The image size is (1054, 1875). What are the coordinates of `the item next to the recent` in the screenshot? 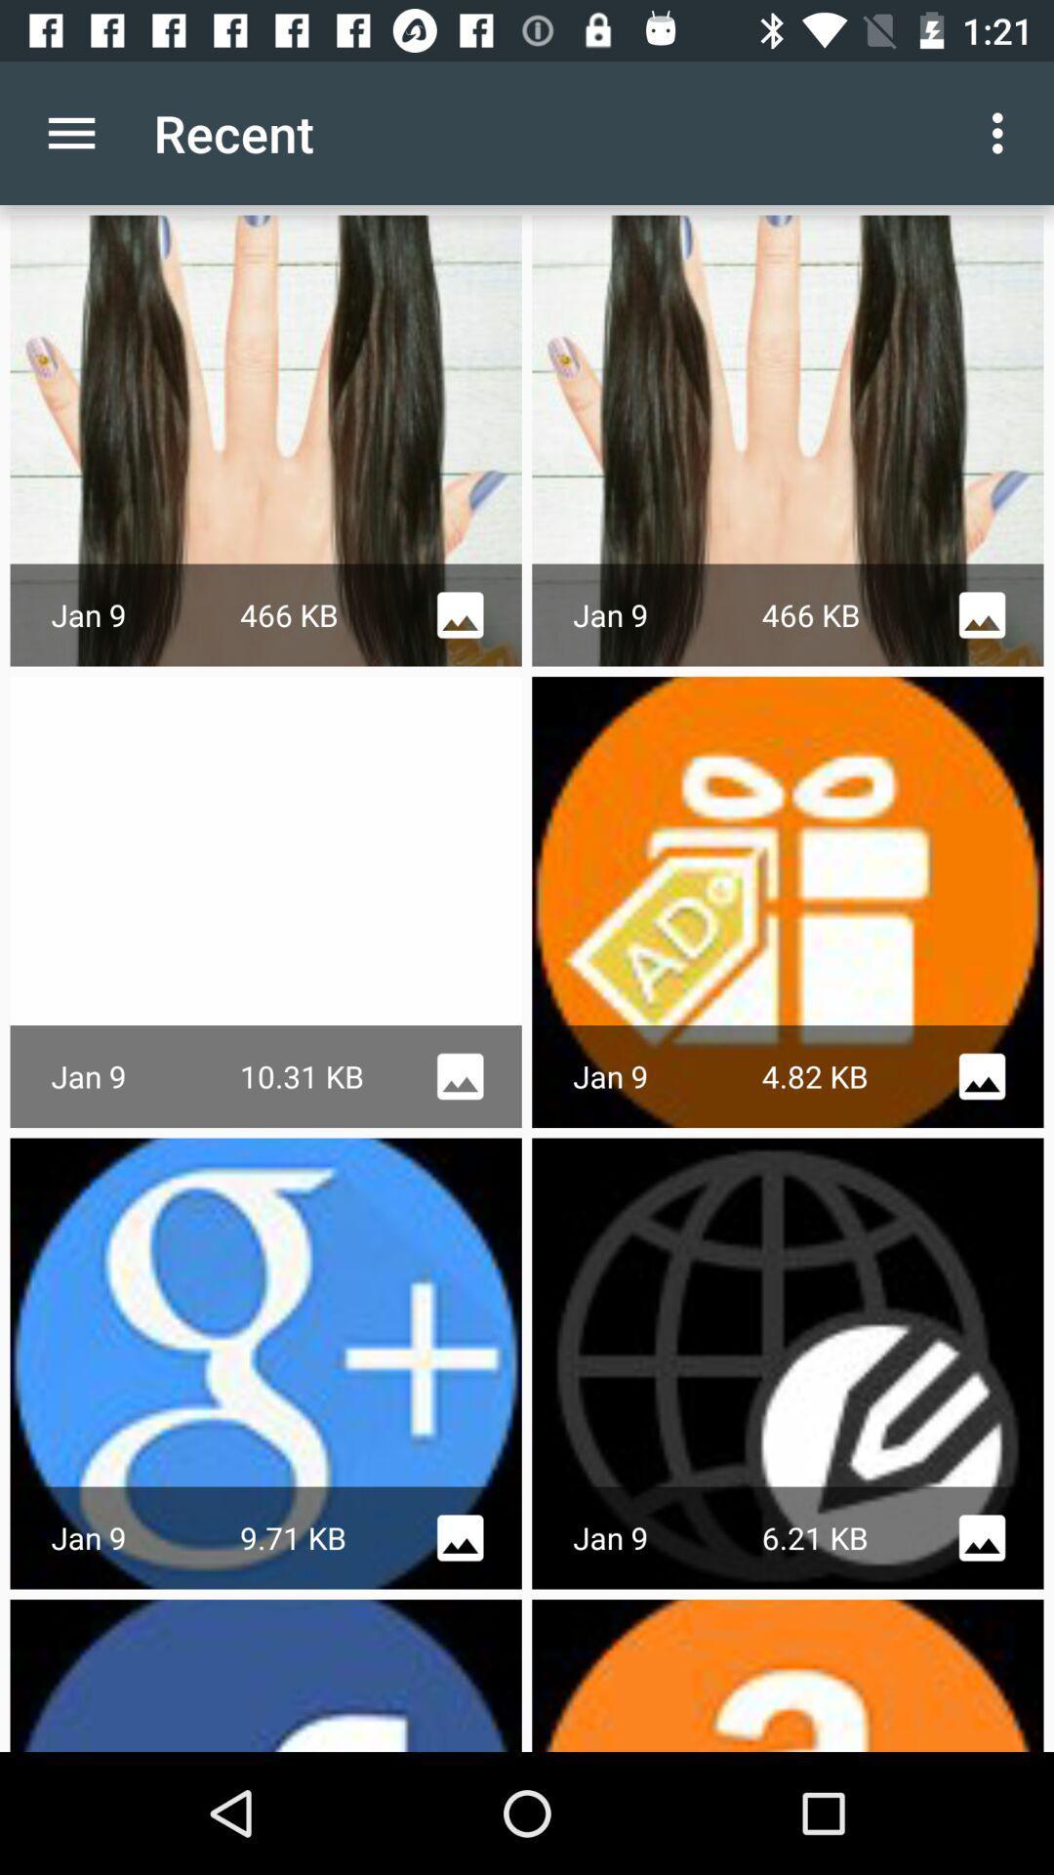 It's located at (1002, 132).